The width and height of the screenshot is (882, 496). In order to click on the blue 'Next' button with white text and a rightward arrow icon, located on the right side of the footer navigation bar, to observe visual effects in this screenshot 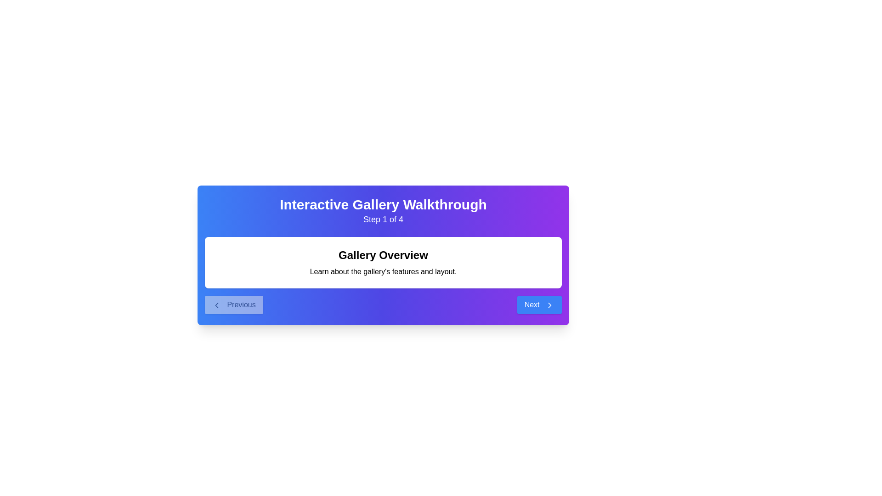, I will do `click(539, 304)`.